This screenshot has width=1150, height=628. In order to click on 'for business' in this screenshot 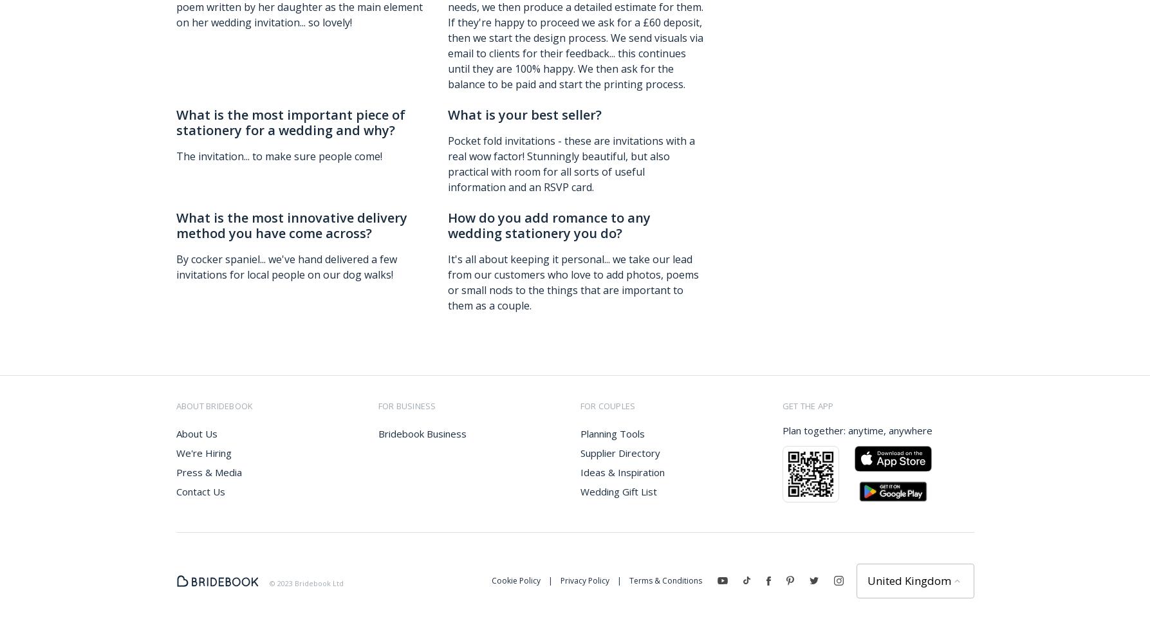, I will do `click(377, 405)`.